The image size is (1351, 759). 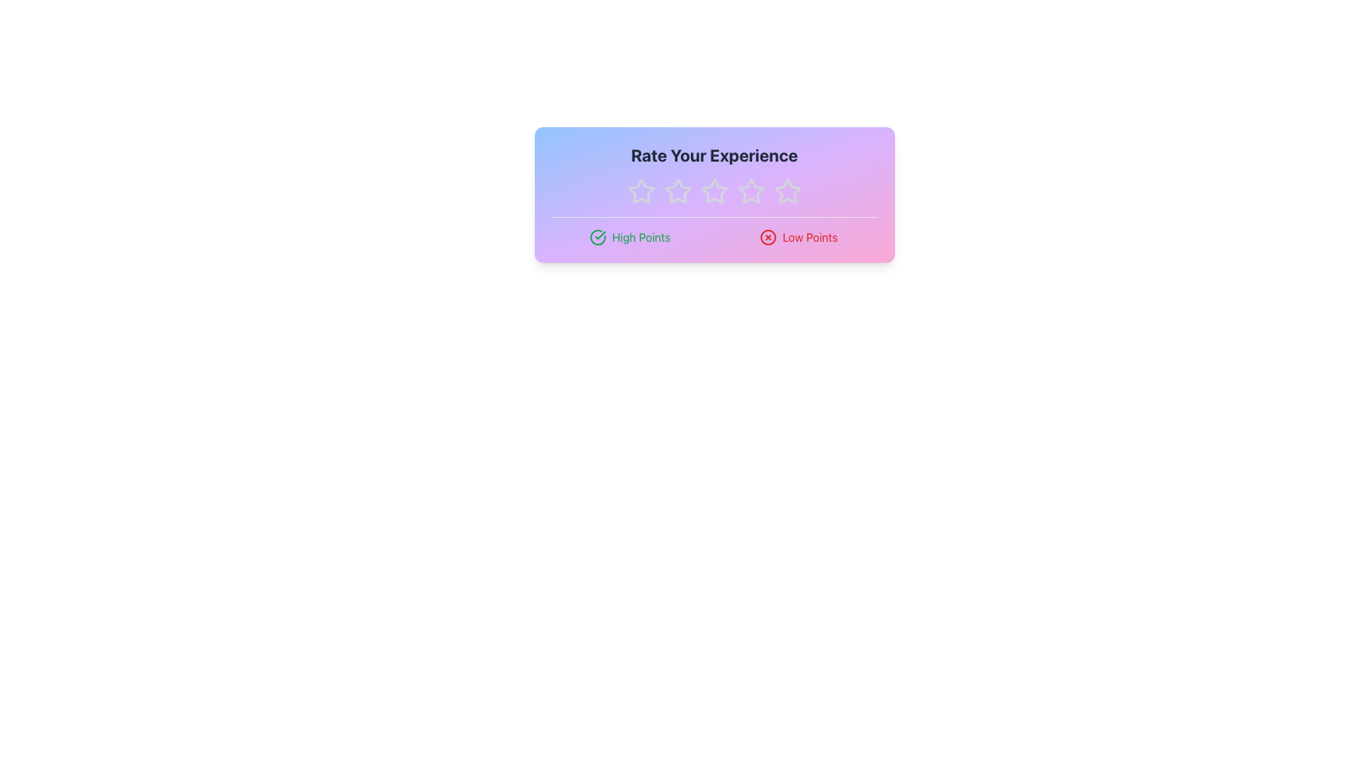 I want to click on the 'High Points' label with icon, which features green text and a checkmark icon, located at the bottom section of the 'Rate Your Experience' interface, so click(x=629, y=237).